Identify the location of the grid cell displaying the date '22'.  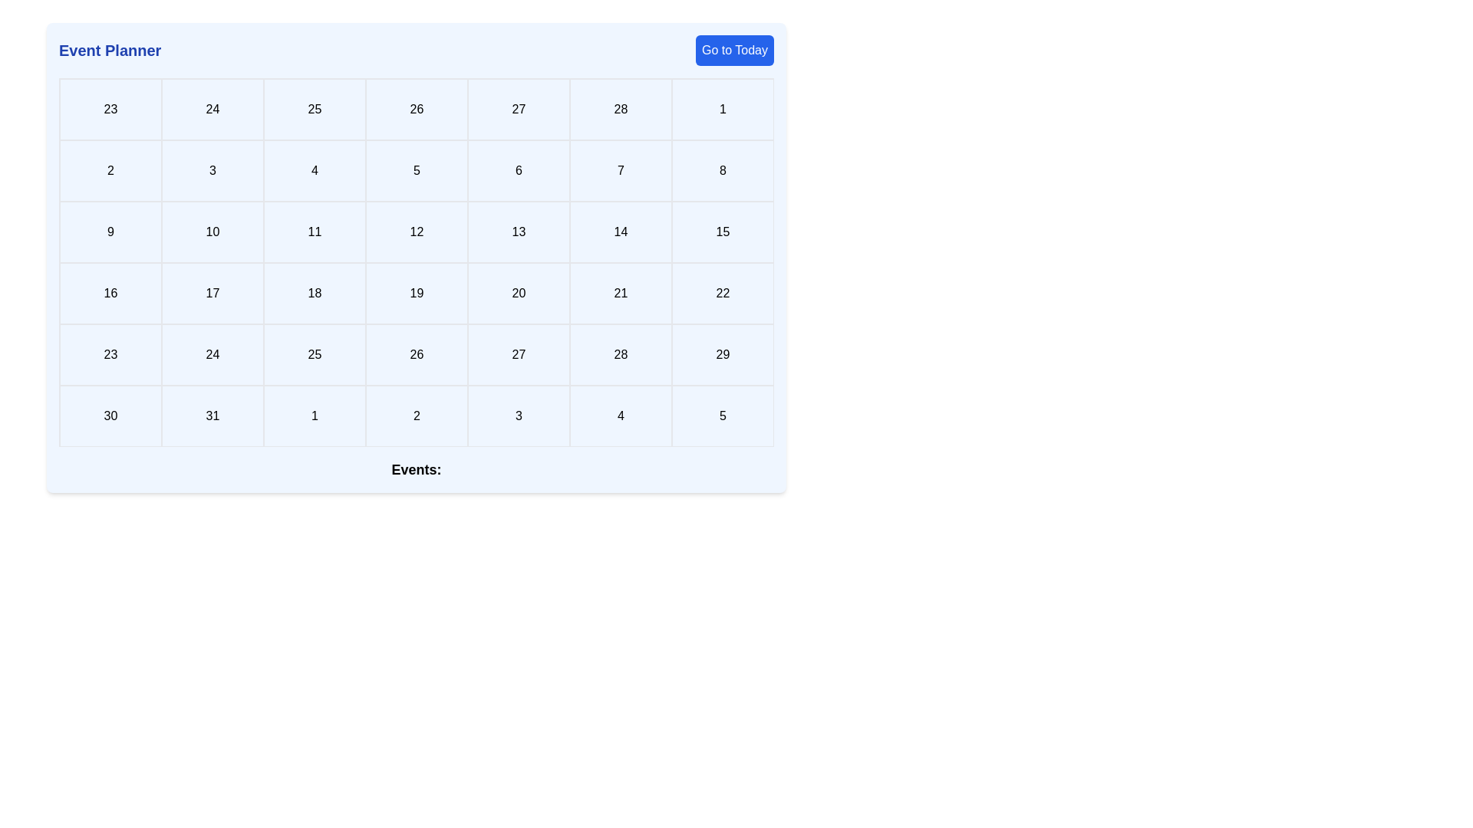
(722, 293).